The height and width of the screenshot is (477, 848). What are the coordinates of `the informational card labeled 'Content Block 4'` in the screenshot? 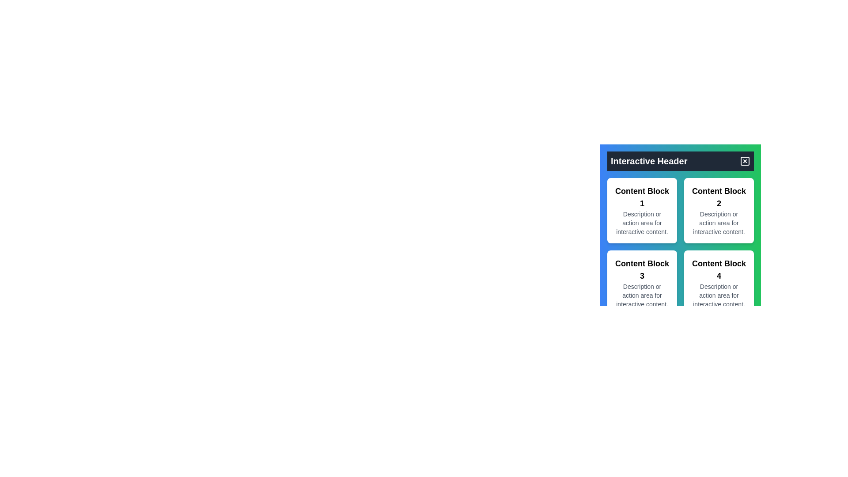 It's located at (719, 283).